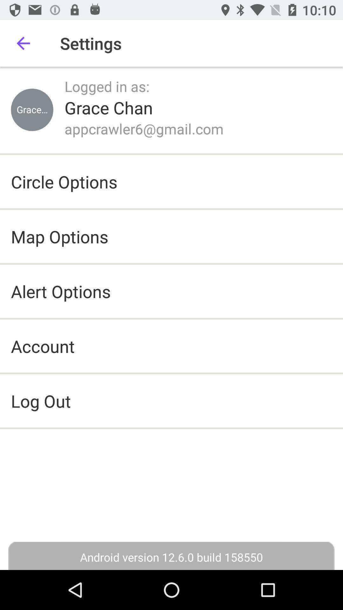 The image size is (343, 610). I want to click on the item at the center, so click(171, 400).